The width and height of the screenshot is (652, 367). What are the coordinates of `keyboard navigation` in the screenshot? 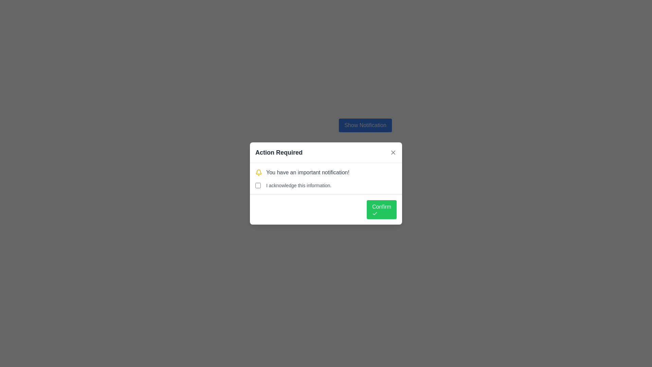 It's located at (257, 186).